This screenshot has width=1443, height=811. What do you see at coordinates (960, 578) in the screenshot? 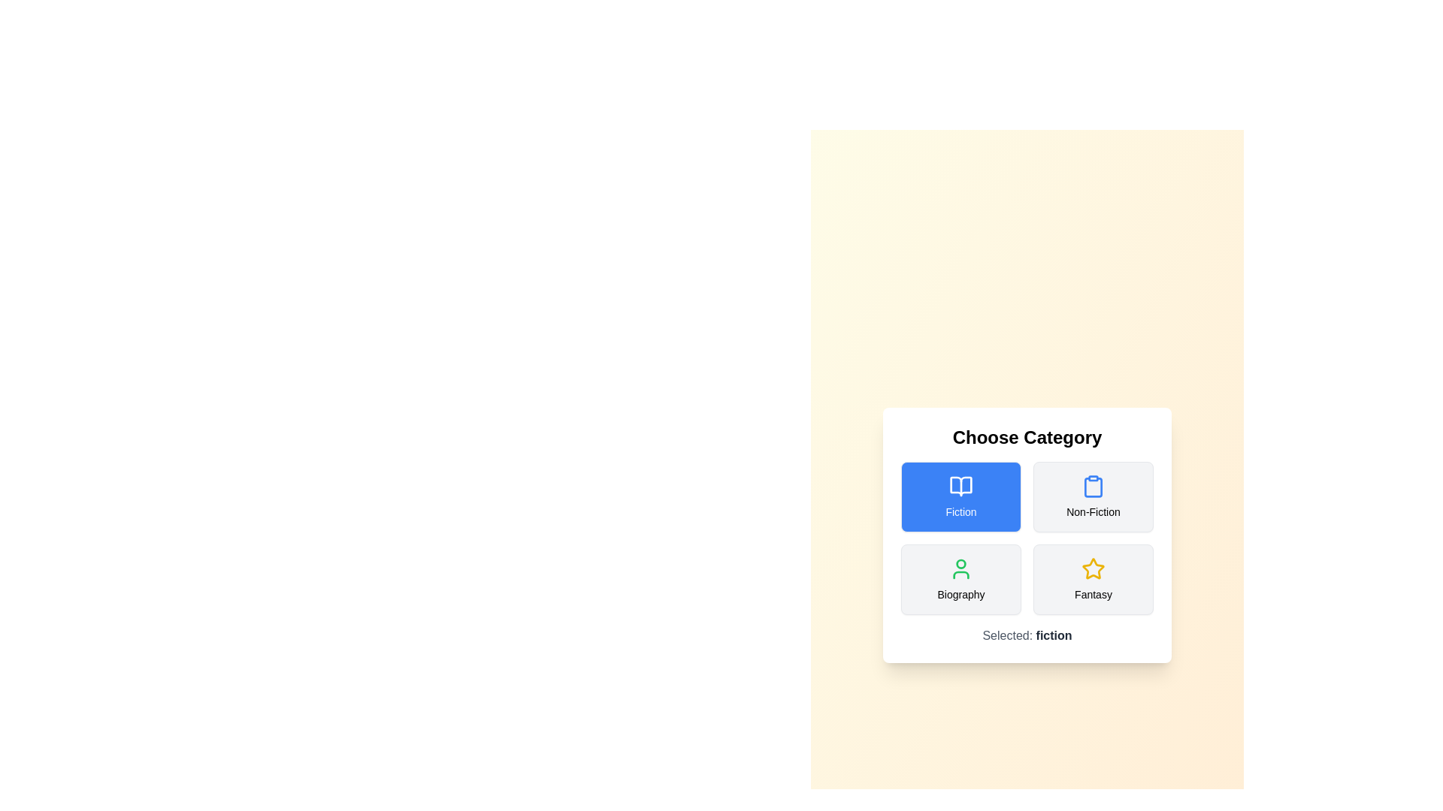
I see `the category Biography by clicking its button` at bounding box center [960, 578].